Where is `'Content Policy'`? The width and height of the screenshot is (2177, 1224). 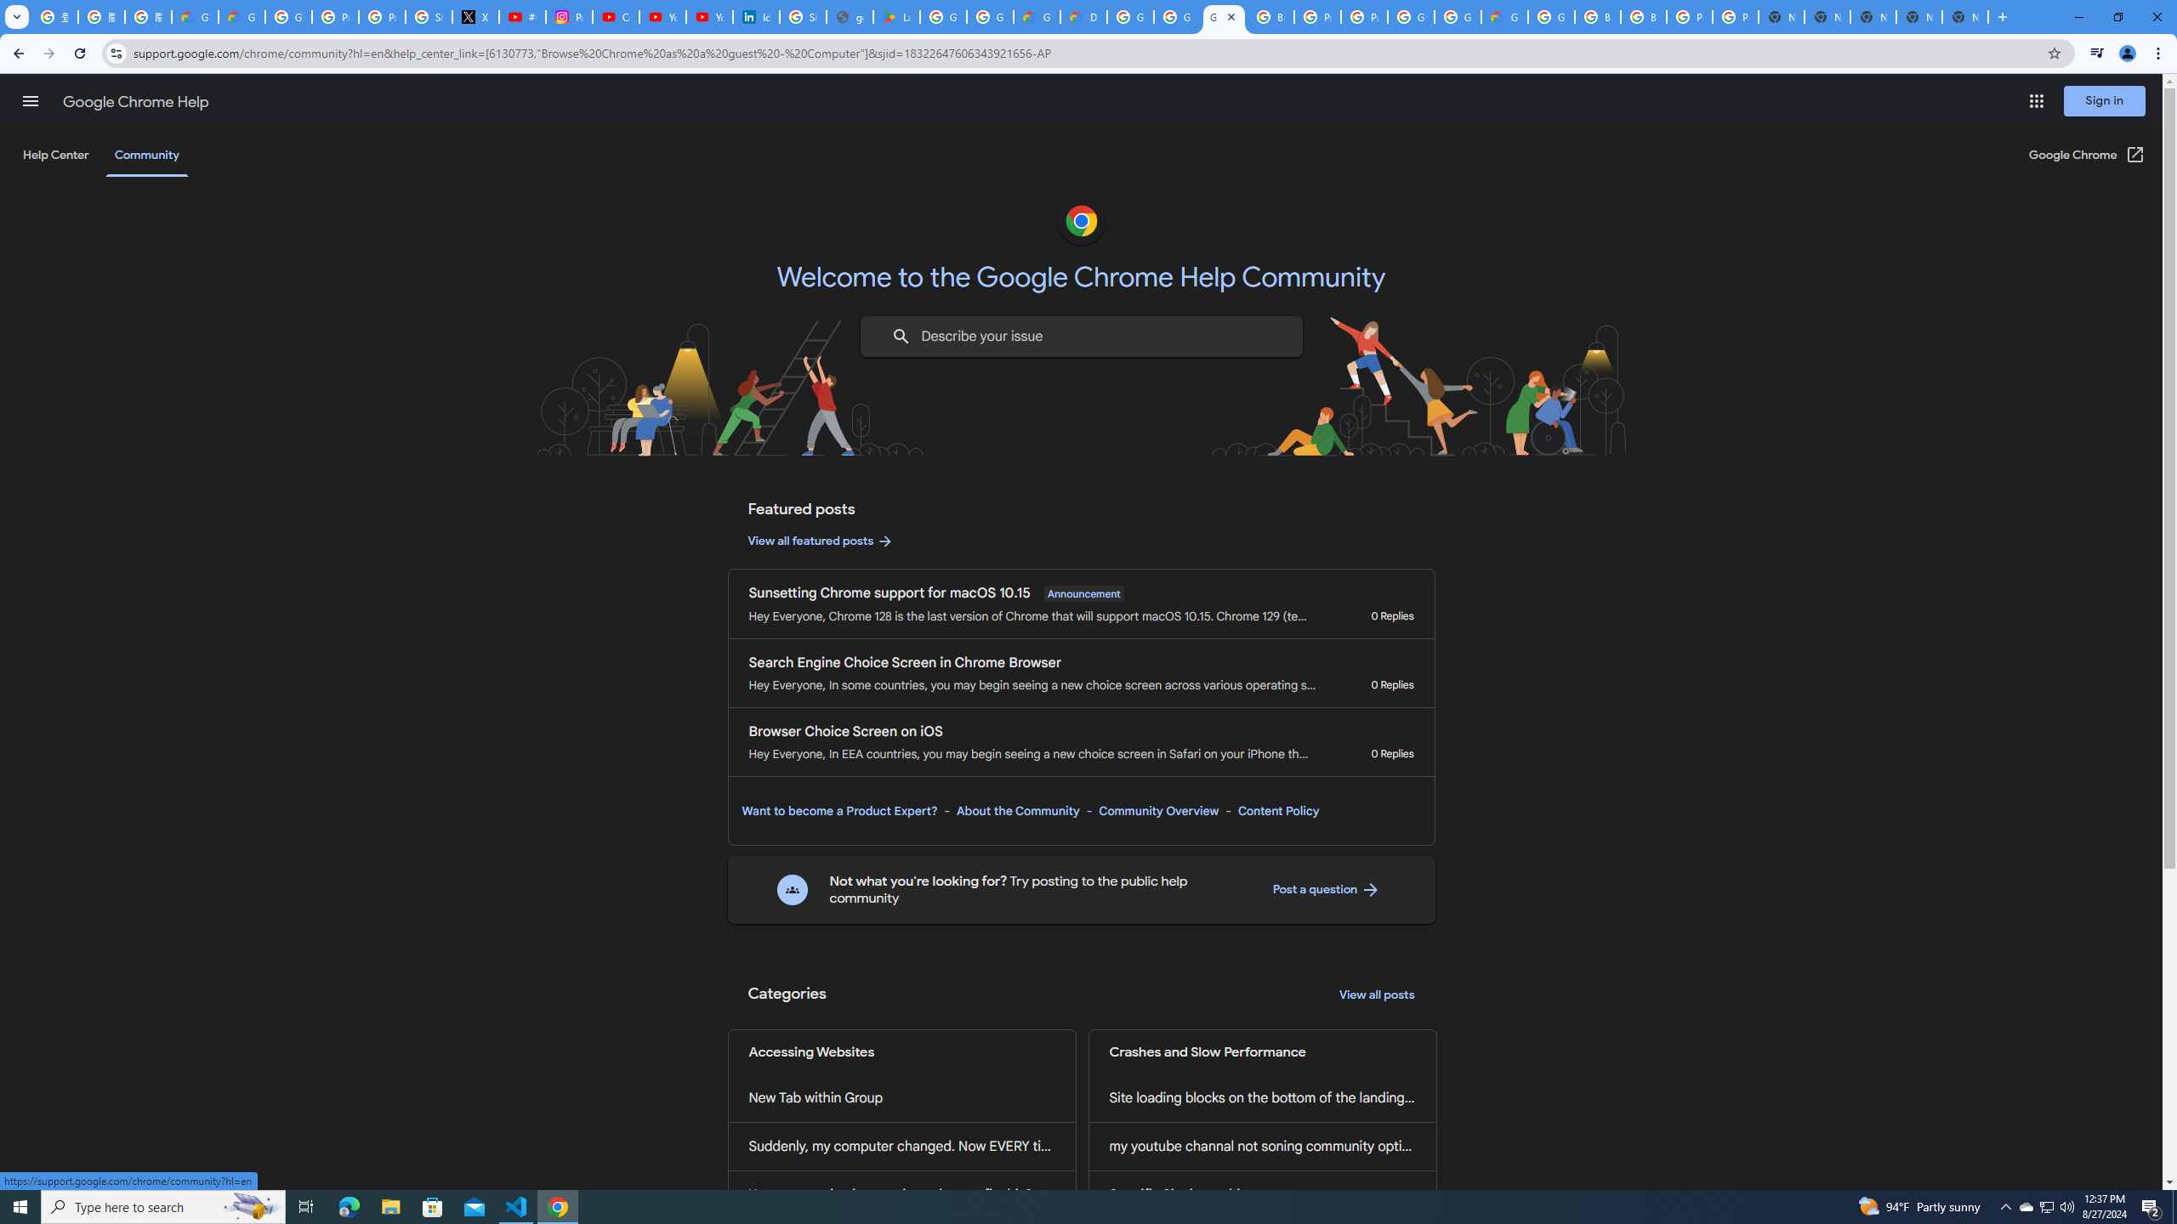
'Content Policy' is located at coordinates (1276, 810).